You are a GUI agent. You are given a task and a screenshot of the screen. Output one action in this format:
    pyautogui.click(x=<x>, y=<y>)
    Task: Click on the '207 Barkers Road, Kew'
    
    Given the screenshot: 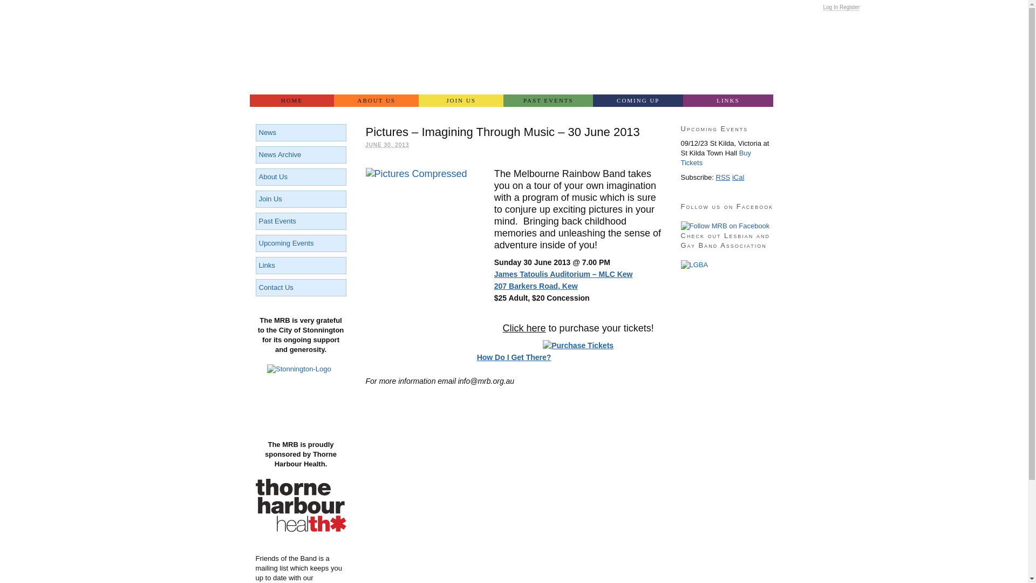 What is the action you would take?
    pyautogui.click(x=536, y=285)
    